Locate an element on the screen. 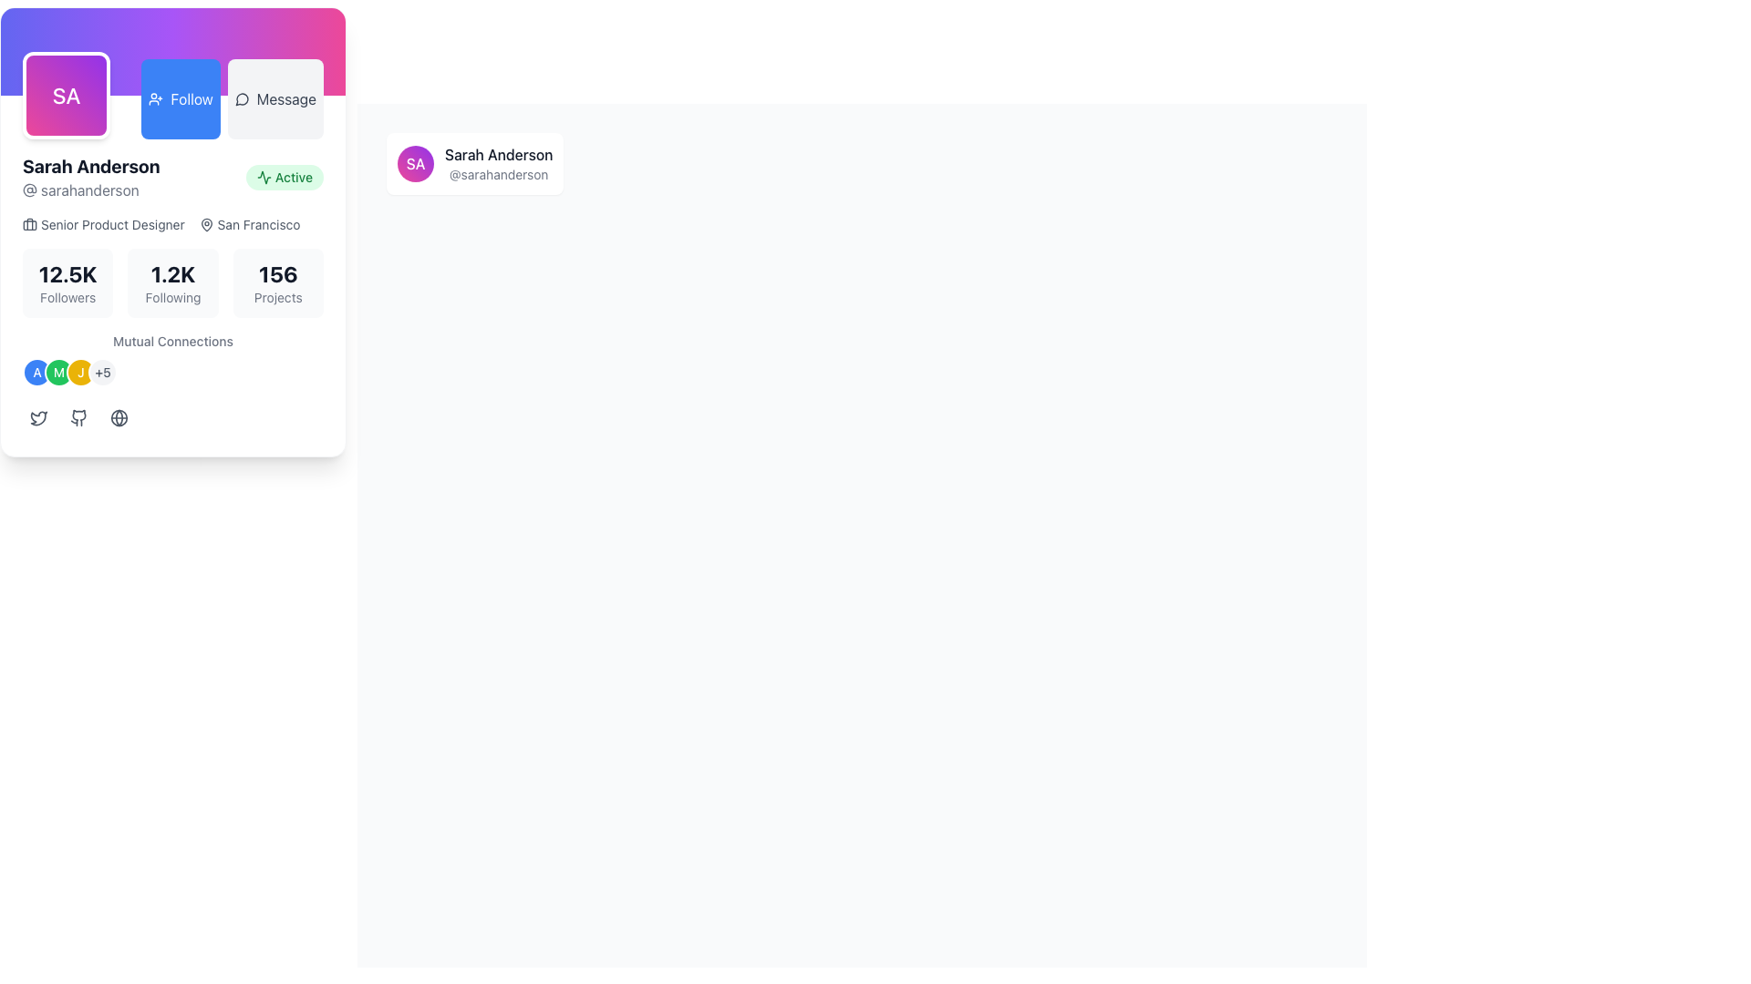 The width and height of the screenshot is (1751, 984). the bird-shaped Twitter icon located in the bottom-left area of the profile card interface is located at coordinates (39, 418).